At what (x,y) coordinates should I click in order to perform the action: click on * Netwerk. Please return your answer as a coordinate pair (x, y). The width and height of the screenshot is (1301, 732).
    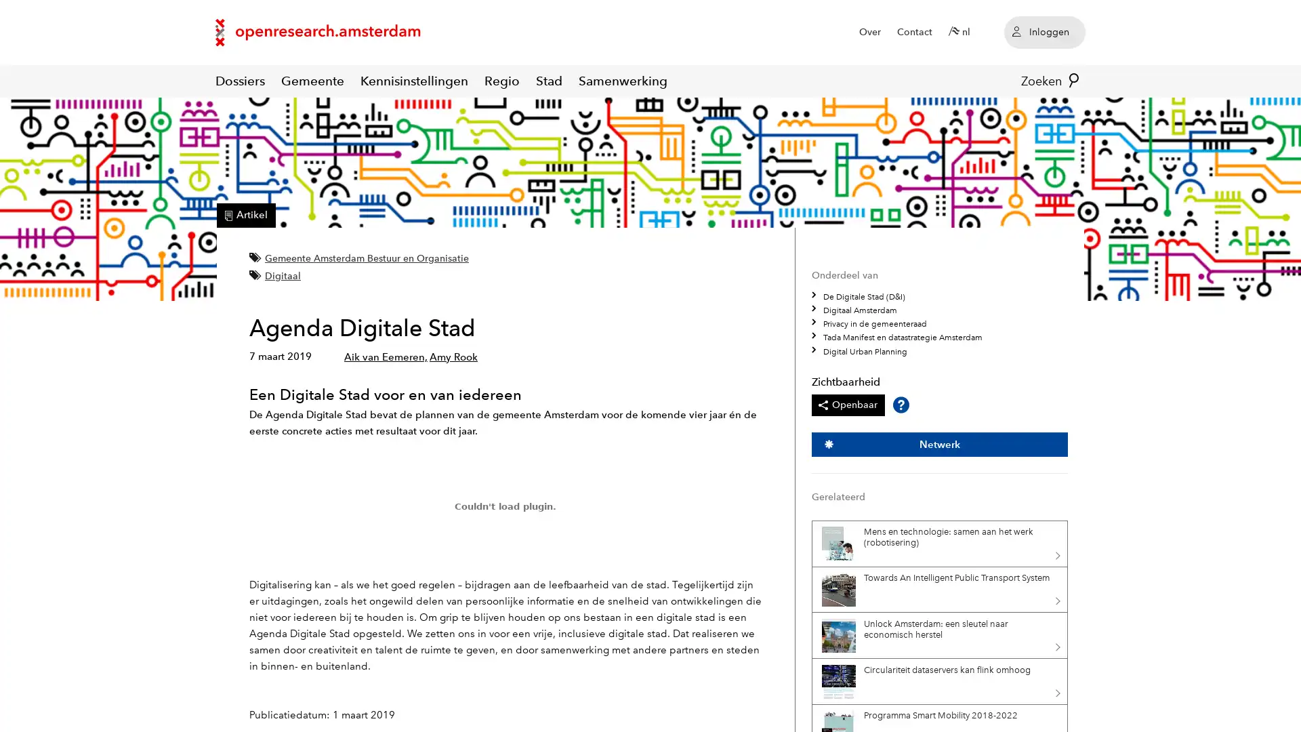
    Looking at the image, I should click on (938, 444).